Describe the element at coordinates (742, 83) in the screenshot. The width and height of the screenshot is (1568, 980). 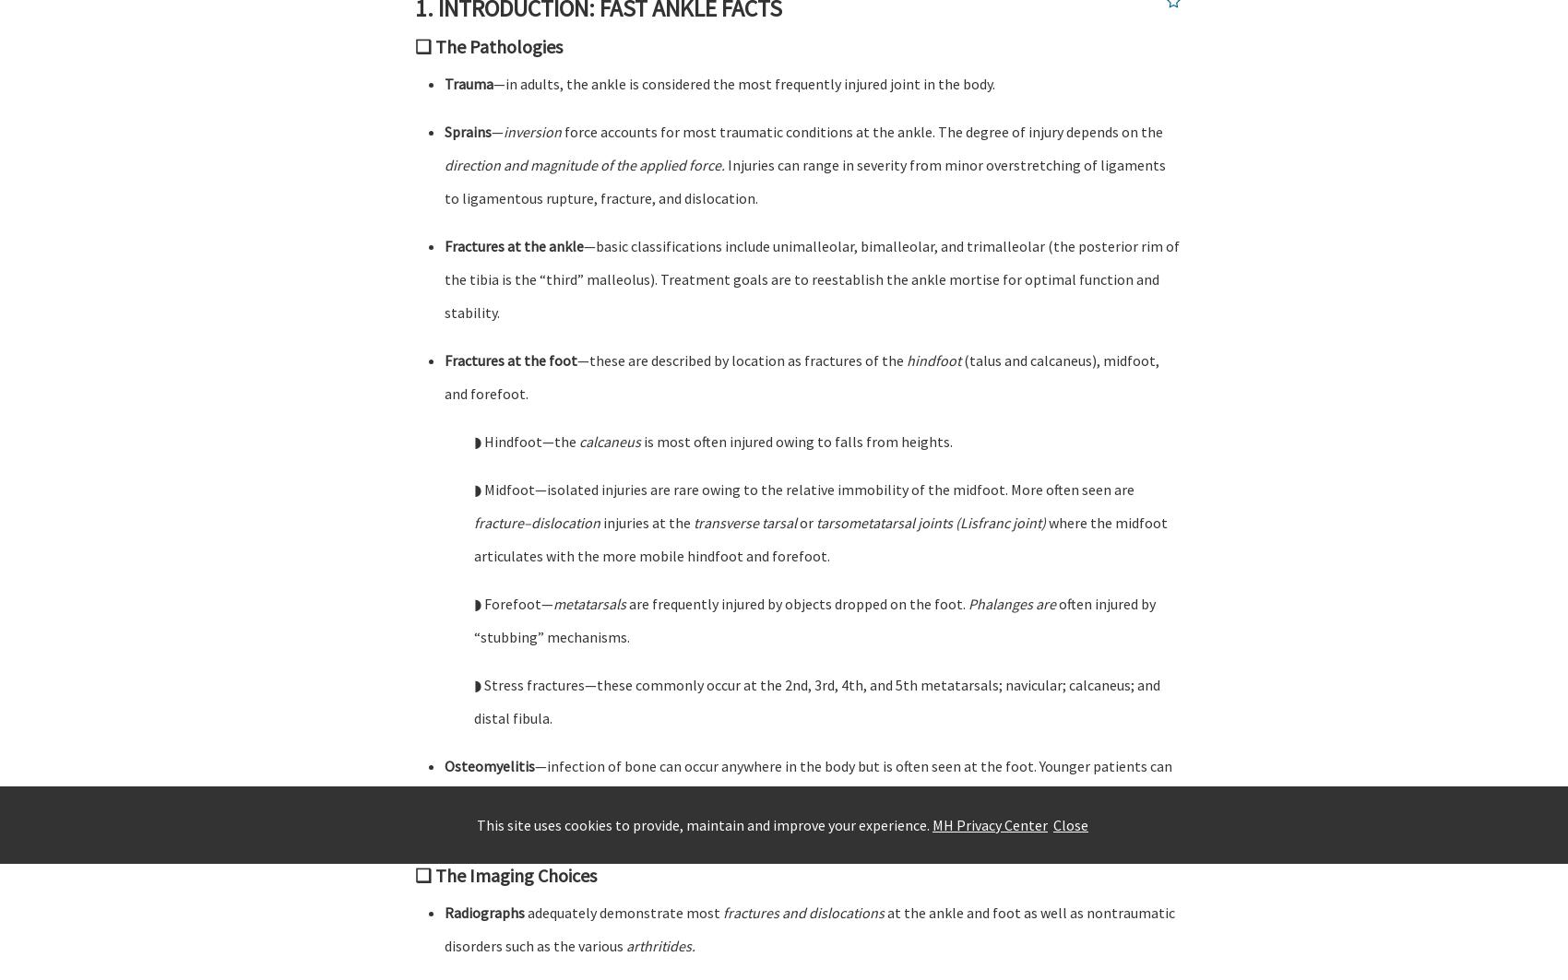
I see `'—in adults, the ankle is considered the most frequently injured joint in the body.'` at that location.